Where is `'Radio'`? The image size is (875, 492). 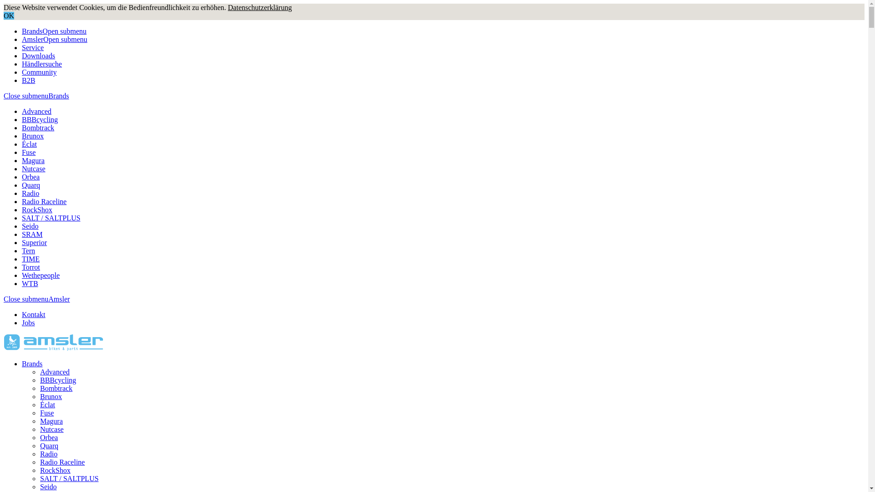 'Radio' is located at coordinates (39, 454).